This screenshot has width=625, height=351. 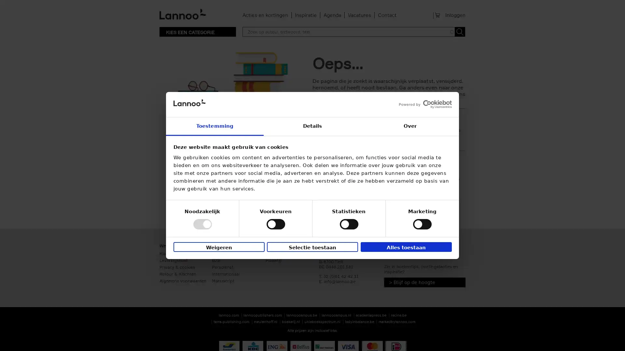 What do you see at coordinates (458, 32) in the screenshot?
I see `Toepassen` at bounding box center [458, 32].